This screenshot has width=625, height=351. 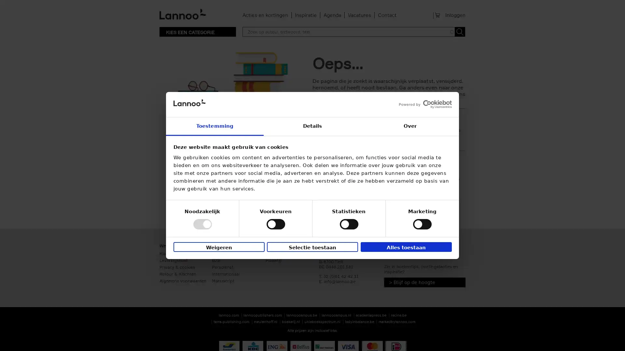 What do you see at coordinates (458, 32) in the screenshot?
I see `Toepassen` at bounding box center [458, 32].